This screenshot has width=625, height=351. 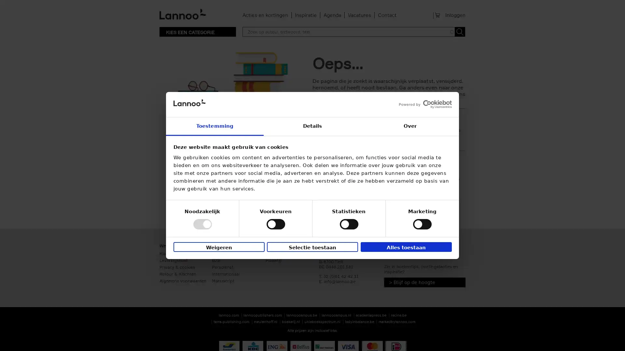 What do you see at coordinates (458, 32) in the screenshot?
I see `Toepassen` at bounding box center [458, 32].